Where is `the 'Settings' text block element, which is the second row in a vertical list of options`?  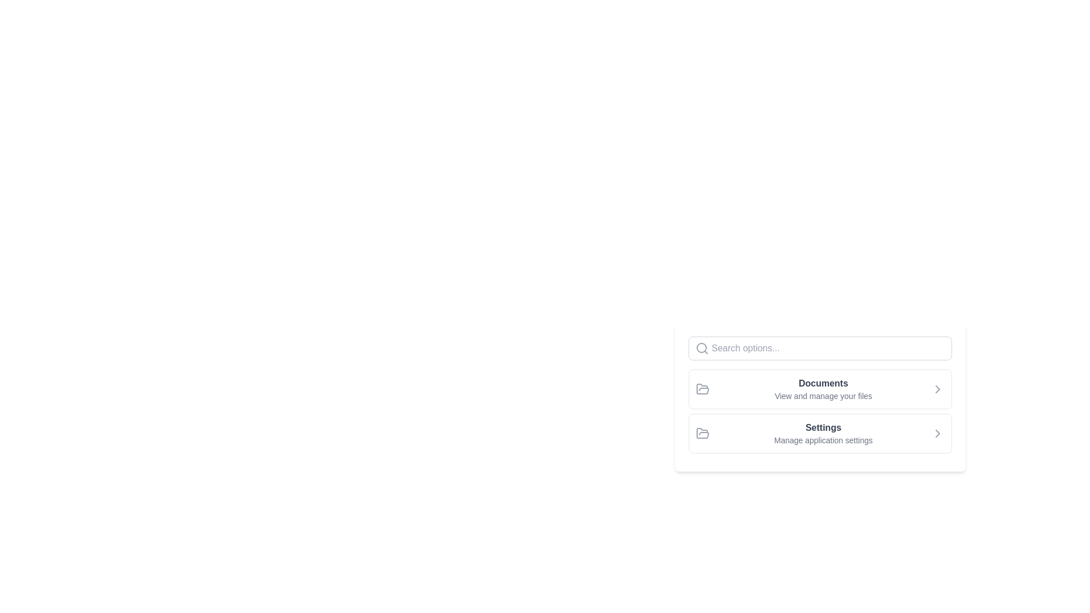
the 'Settings' text block element, which is the second row in a vertical list of options is located at coordinates (823, 433).